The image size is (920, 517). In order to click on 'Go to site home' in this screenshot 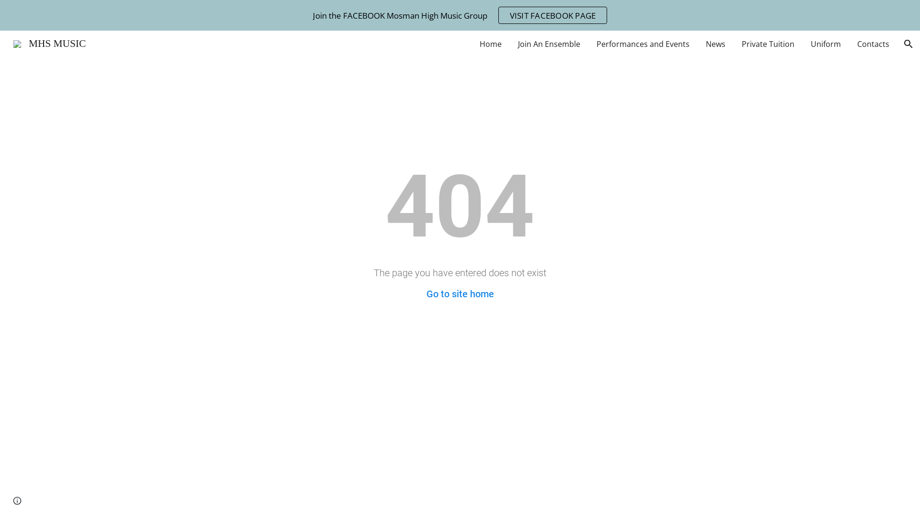, I will do `click(460, 293)`.